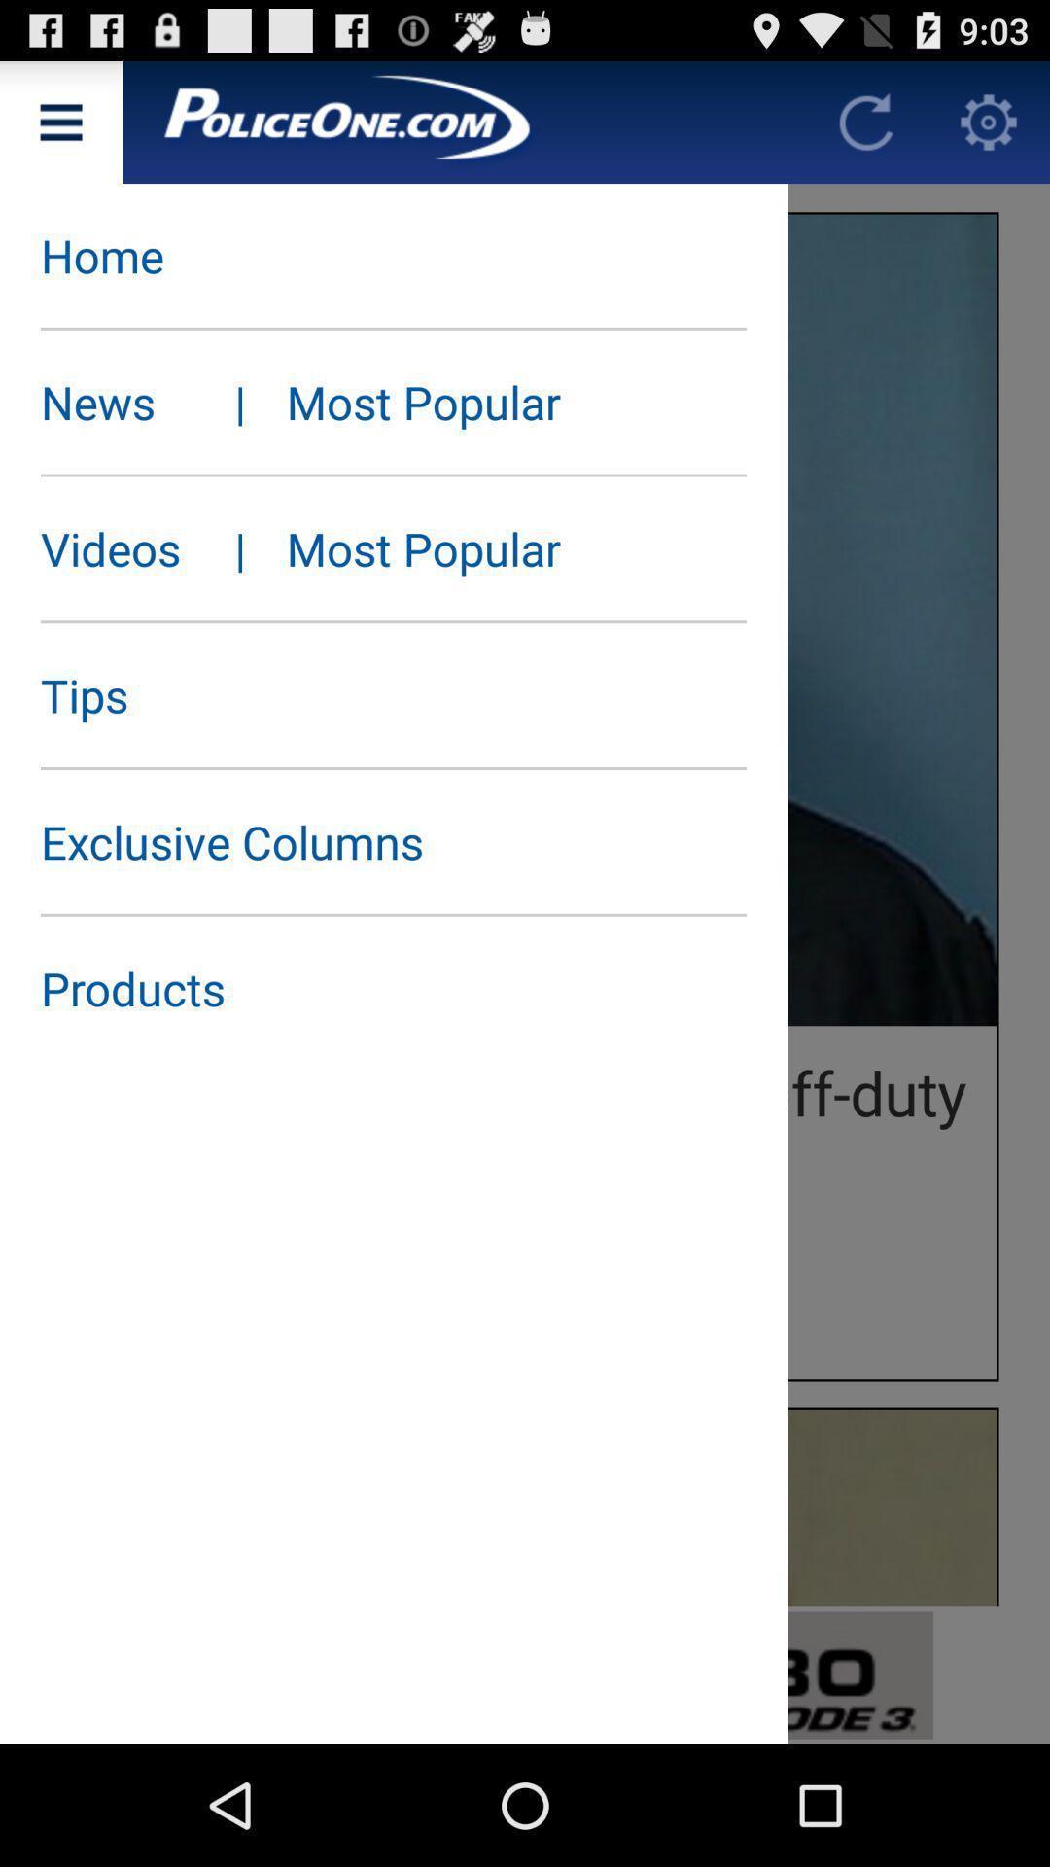  Describe the element at coordinates (865, 129) in the screenshot. I see `the refresh icon` at that location.